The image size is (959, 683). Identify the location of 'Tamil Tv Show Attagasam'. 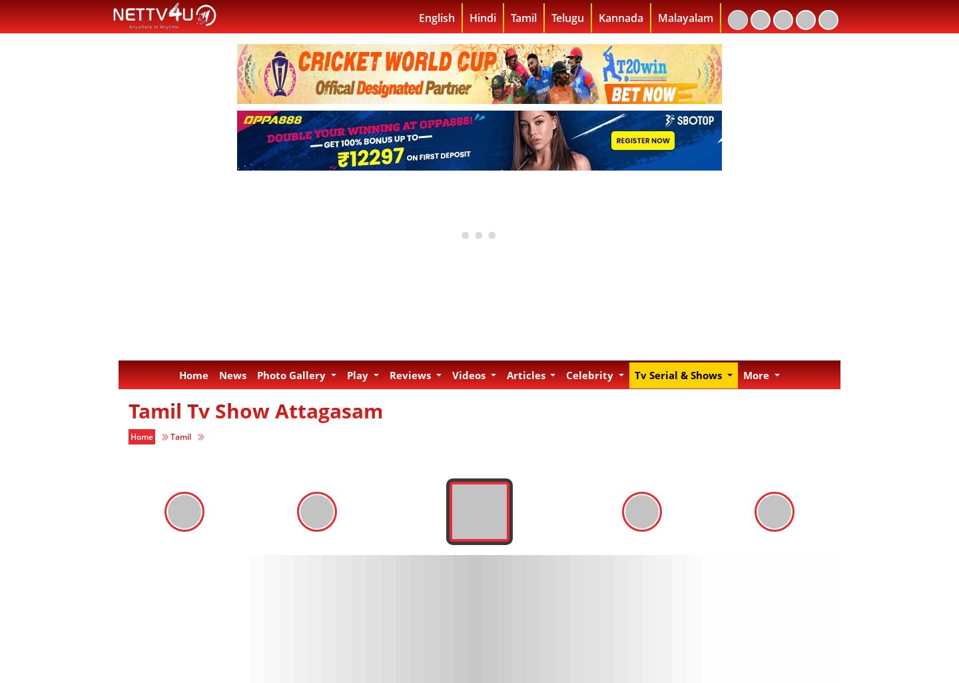
(255, 409).